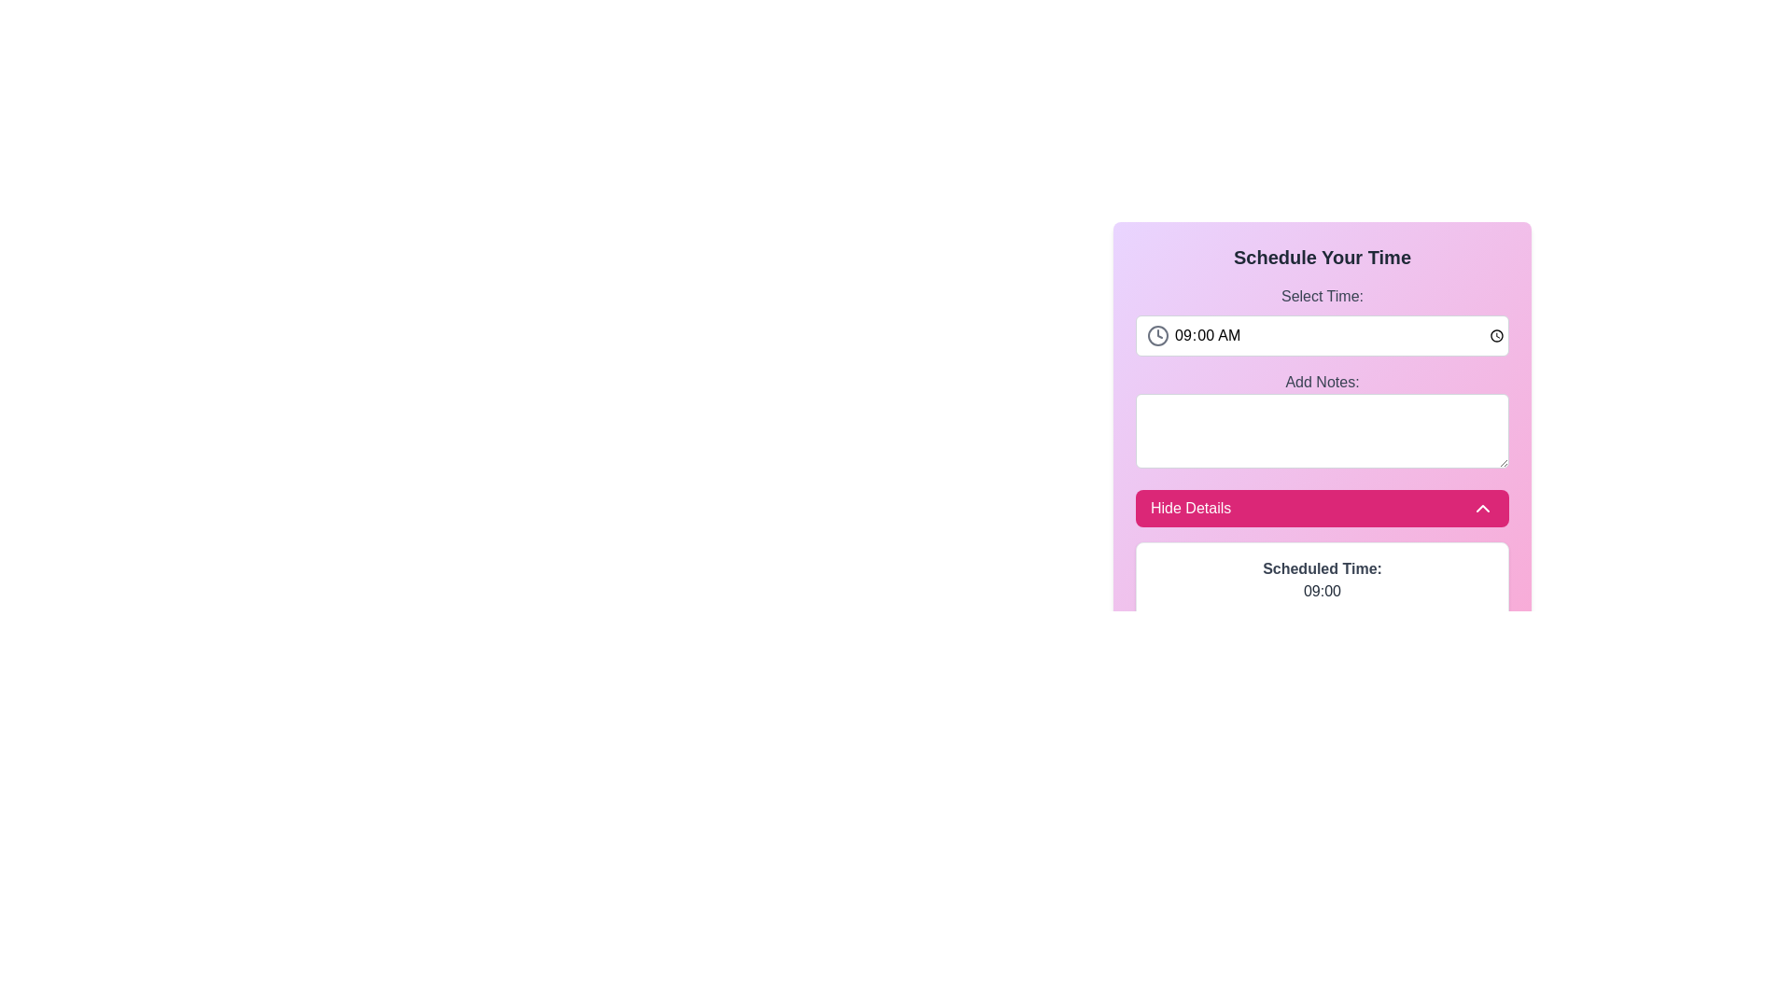  What do you see at coordinates (1481, 508) in the screenshot?
I see `the upward pointing chevron icon button, which is located on the right side of the 'Hide Details' button` at bounding box center [1481, 508].